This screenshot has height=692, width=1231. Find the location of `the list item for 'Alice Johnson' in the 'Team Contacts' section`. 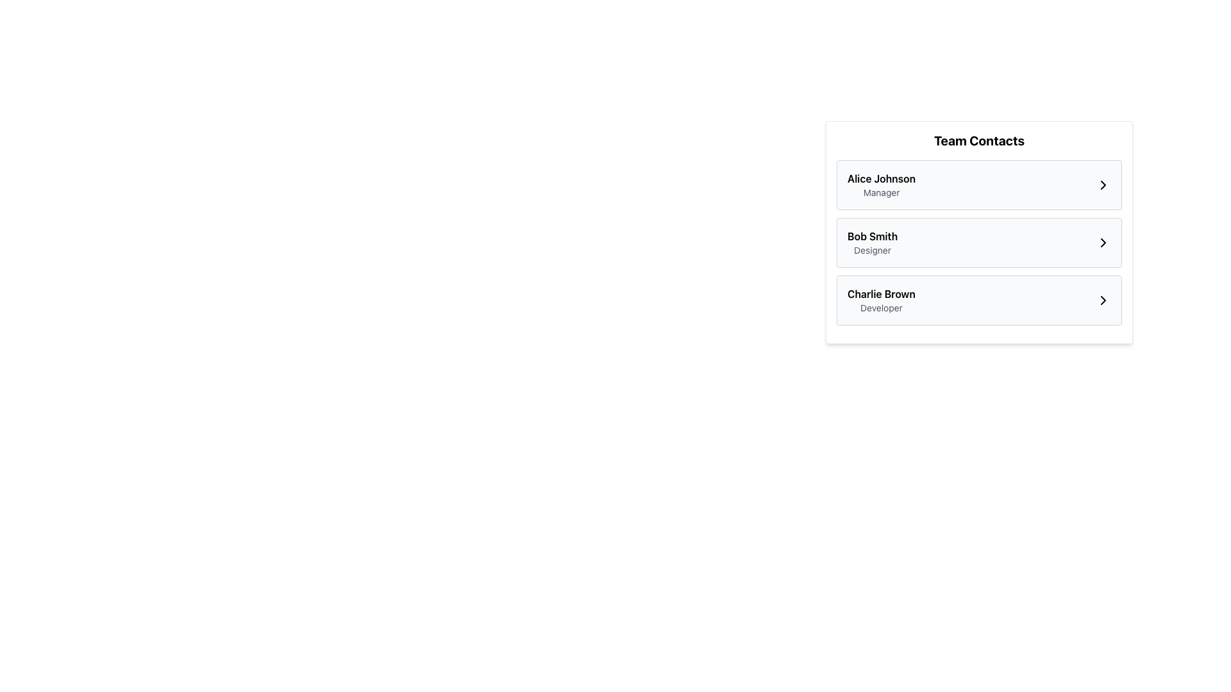

the list item for 'Alice Johnson' in the 'Team Contacts' section is located at coordinates (978, 185).